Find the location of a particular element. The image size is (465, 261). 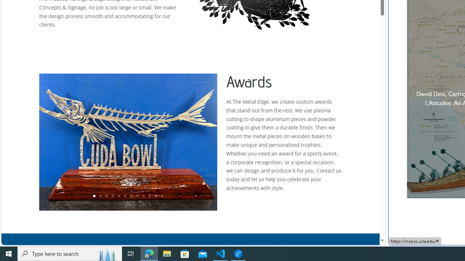

'3' is located at coordinates (106, 196).